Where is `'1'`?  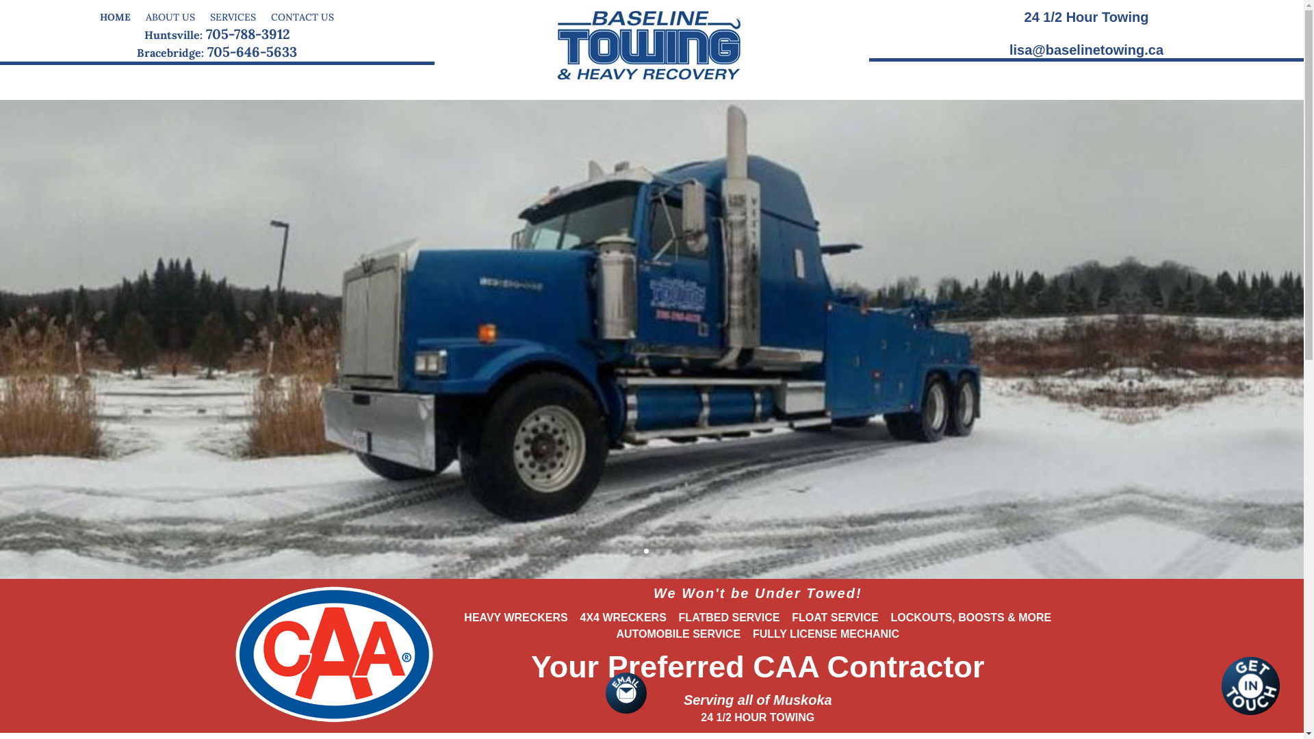 '1' is located at coordinates (634, 550).